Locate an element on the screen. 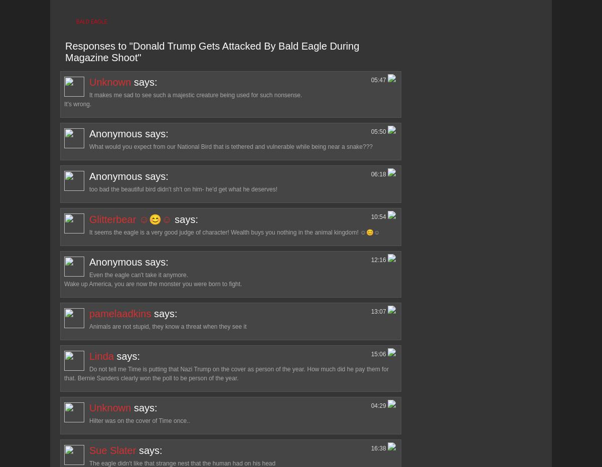  'bald eagle' is located at coordinates (91, 21).